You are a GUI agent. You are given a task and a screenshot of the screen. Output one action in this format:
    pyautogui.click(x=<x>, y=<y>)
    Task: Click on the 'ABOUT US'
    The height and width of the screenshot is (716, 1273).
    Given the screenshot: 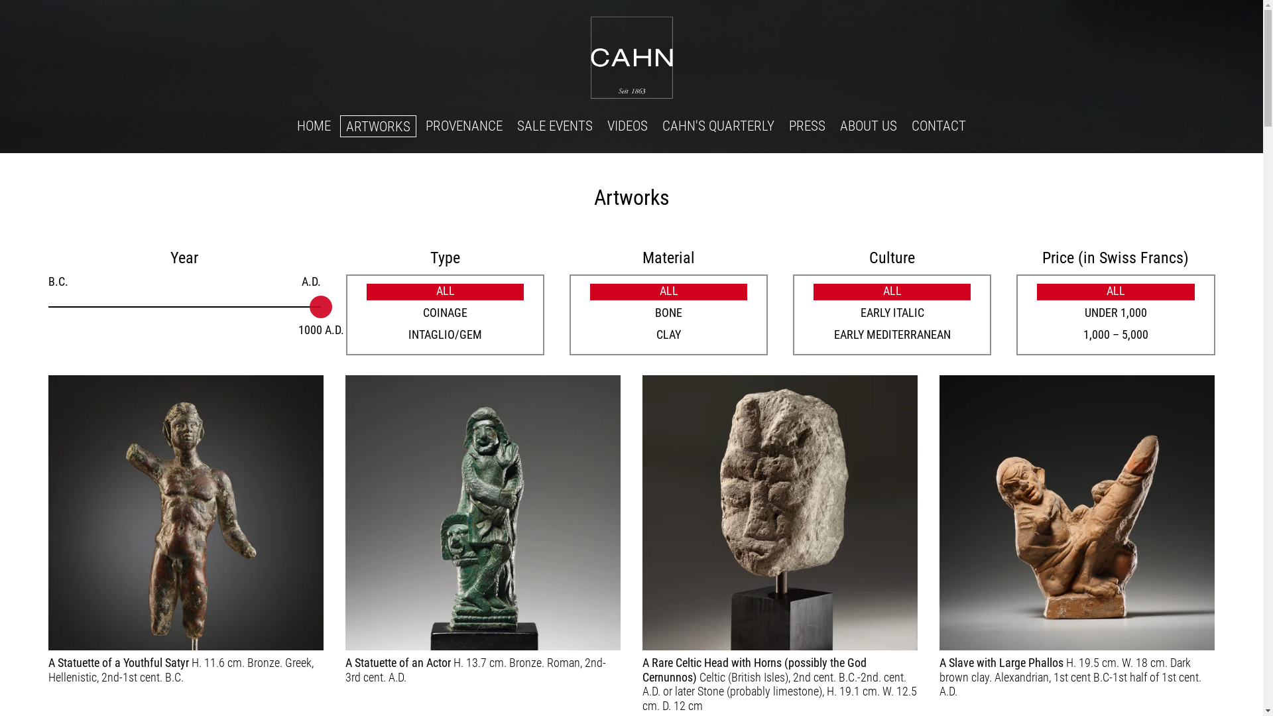 What is the action you would take?
    pyautogui.click(x=869, y=126)
    